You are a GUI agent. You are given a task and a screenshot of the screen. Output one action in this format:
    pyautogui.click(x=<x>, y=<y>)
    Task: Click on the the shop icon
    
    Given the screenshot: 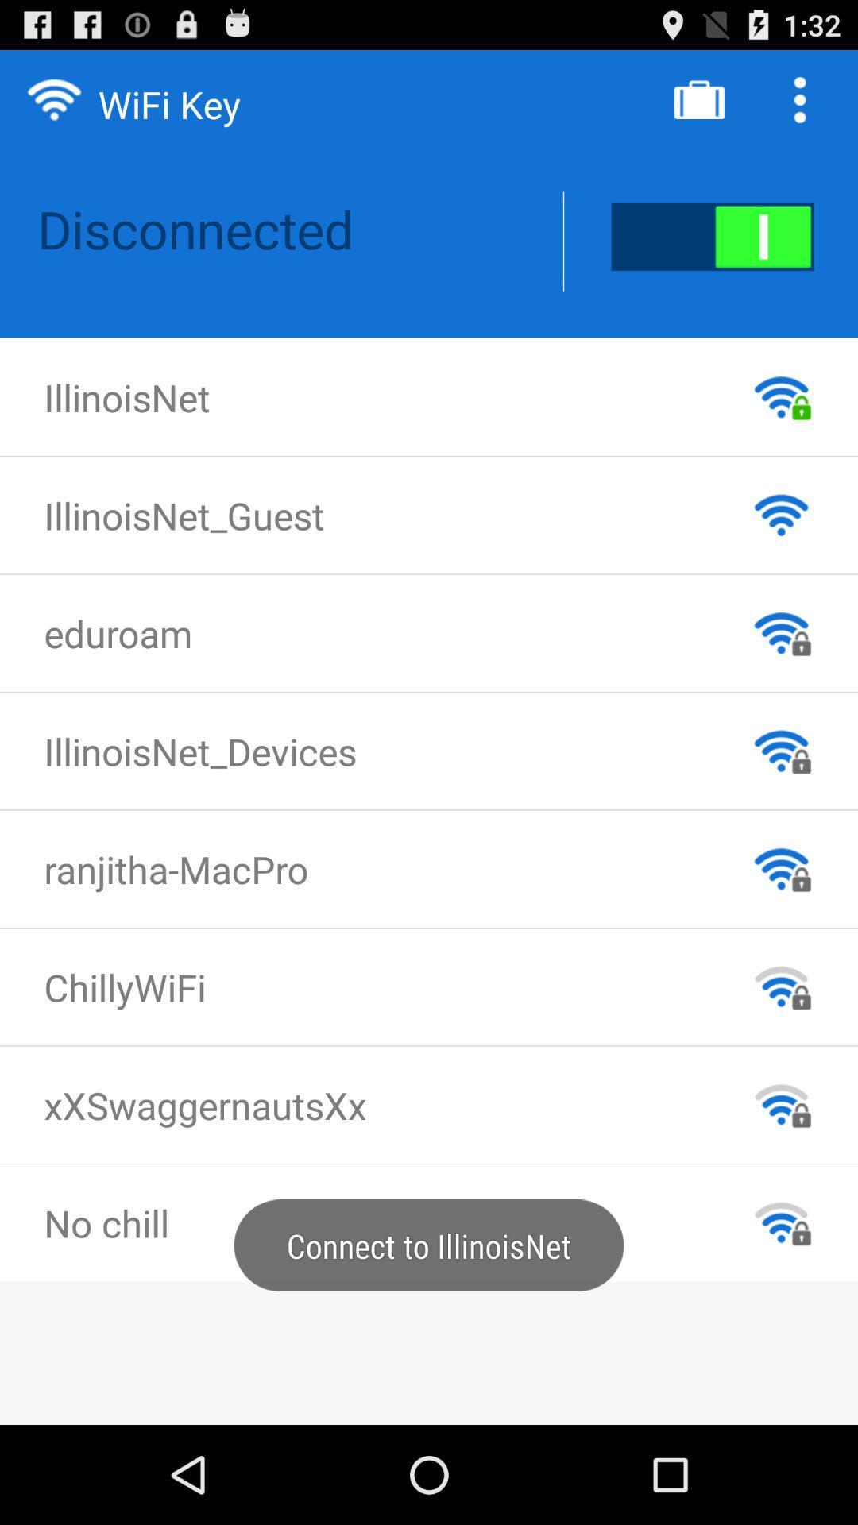 What is the action you would take?
    pyautogui.click(x=698, y=106)
    